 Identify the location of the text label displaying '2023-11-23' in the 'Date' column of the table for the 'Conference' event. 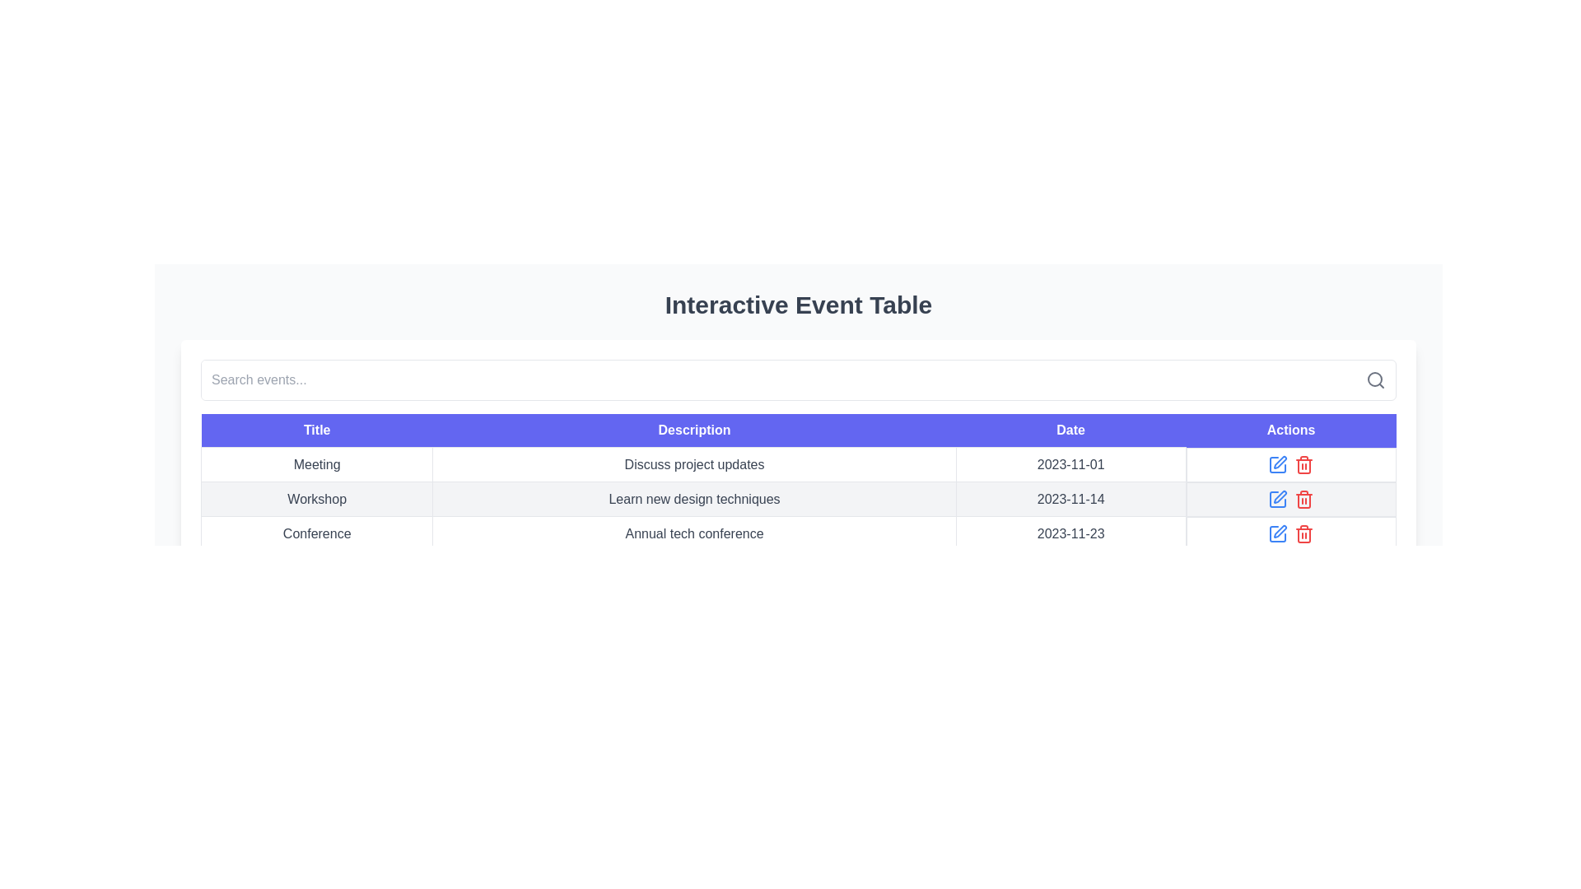
(1070, 533).